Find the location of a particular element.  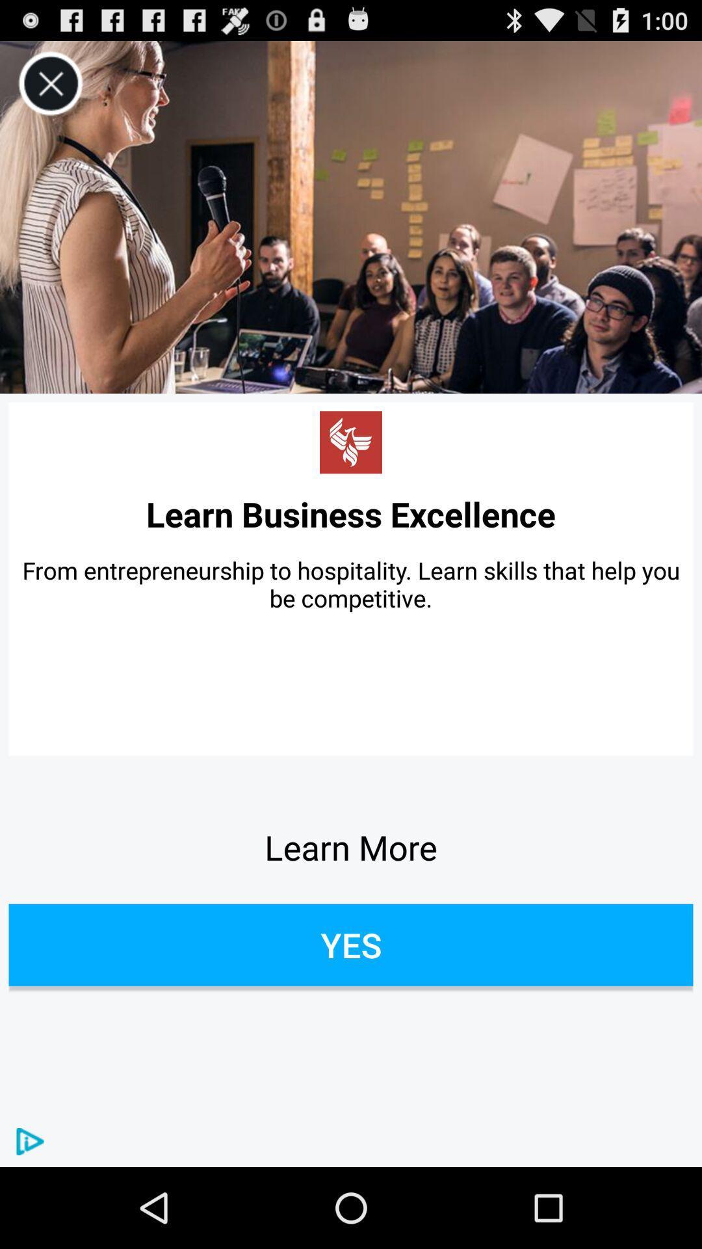

the learn business excellence item is located at coordinates (351, 513).